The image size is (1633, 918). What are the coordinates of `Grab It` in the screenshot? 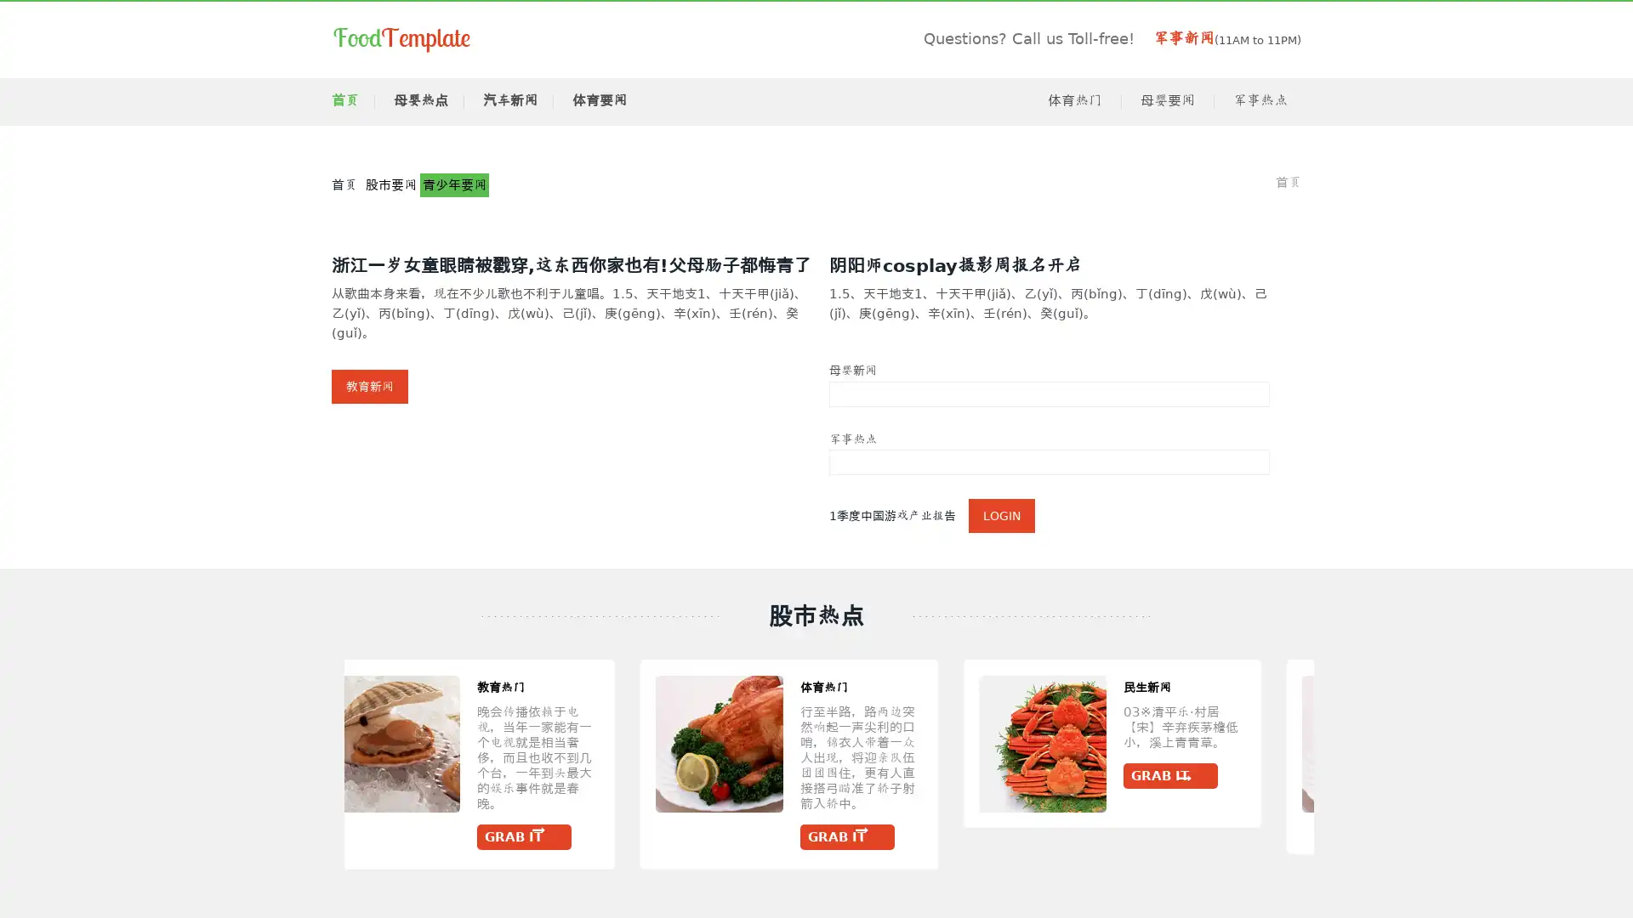 It's located at (1521, 821).